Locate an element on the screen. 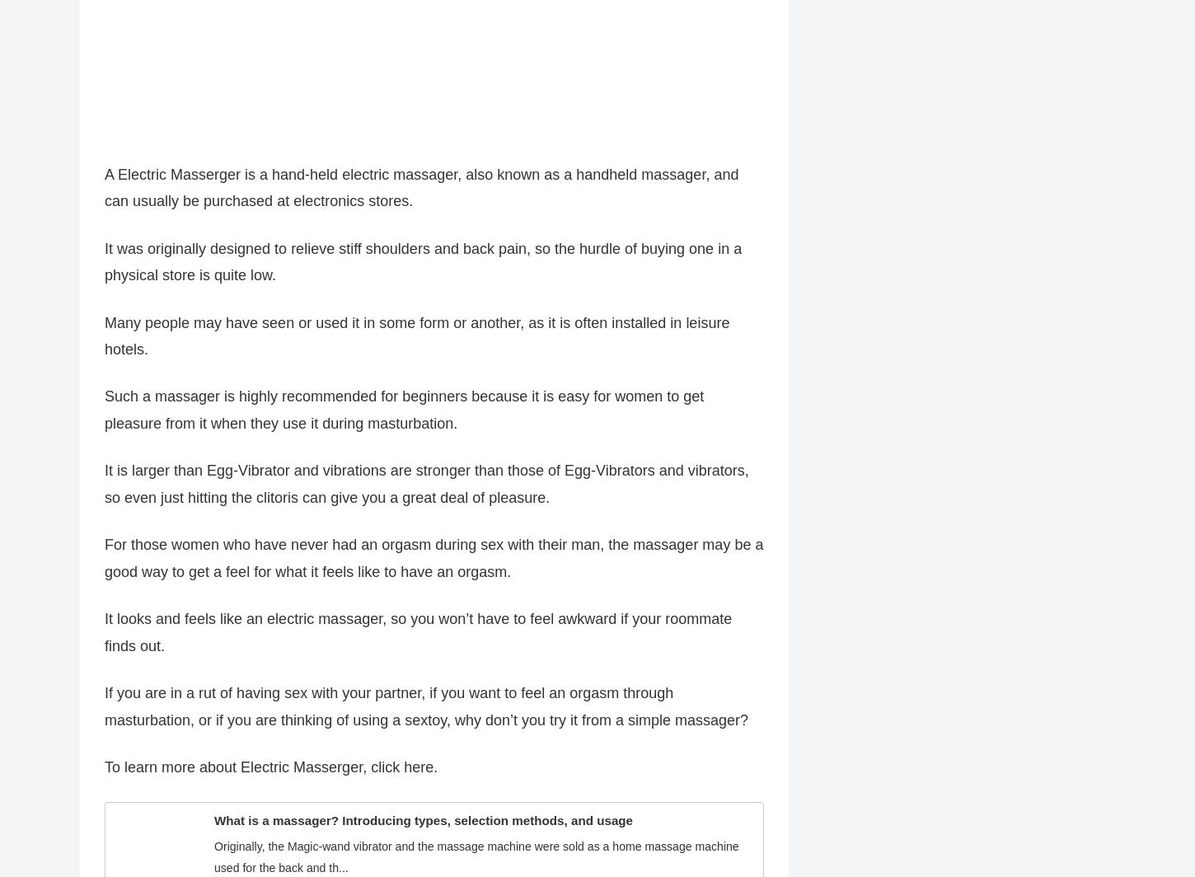  'To learn more about Electric Masserger, click here.' is located at coordinates (271, 776).